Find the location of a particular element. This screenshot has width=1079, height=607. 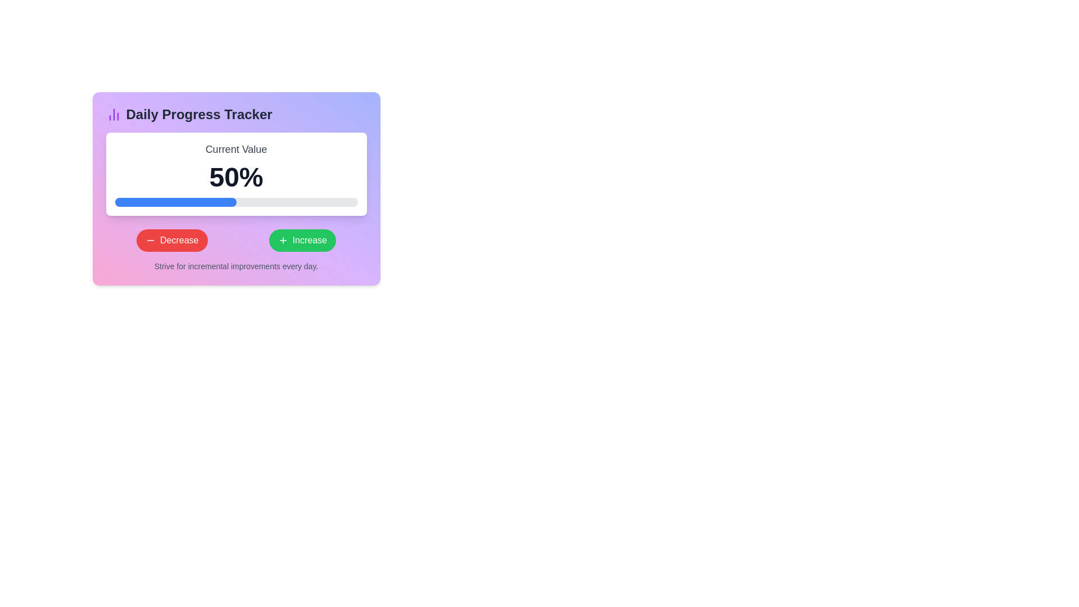

the 'Daily Progress Tracker' header text is located at coordinates (199, 115).